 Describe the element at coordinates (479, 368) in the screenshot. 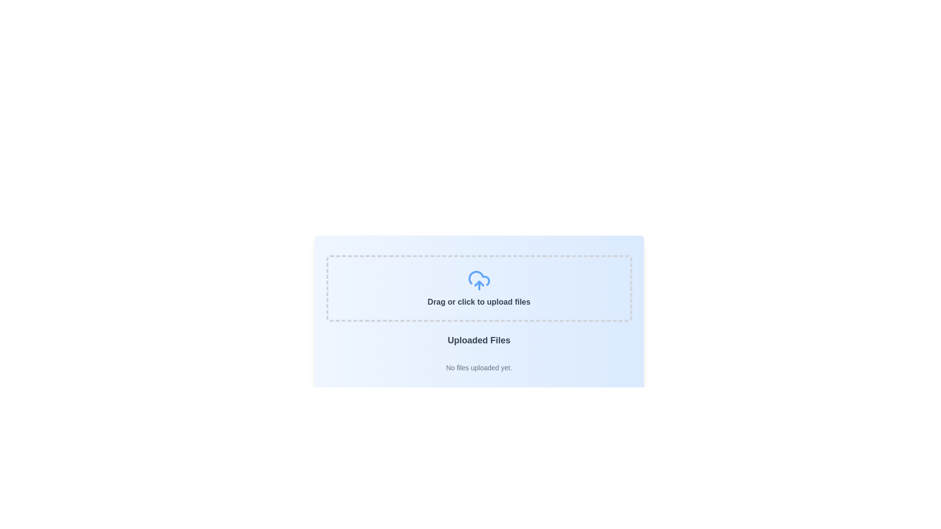

I see `the text label indicating that no files have been uploaded yet, which is located directly beneath the 'Uploaded Files' heading` at that location.